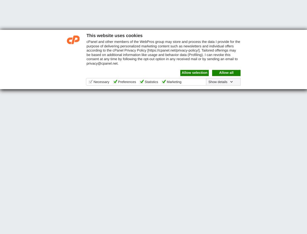 Image resolution: width=307 pixels, height=234 pixels. I want to click on 'cPanel & WHM Trial', so click(7, 109).